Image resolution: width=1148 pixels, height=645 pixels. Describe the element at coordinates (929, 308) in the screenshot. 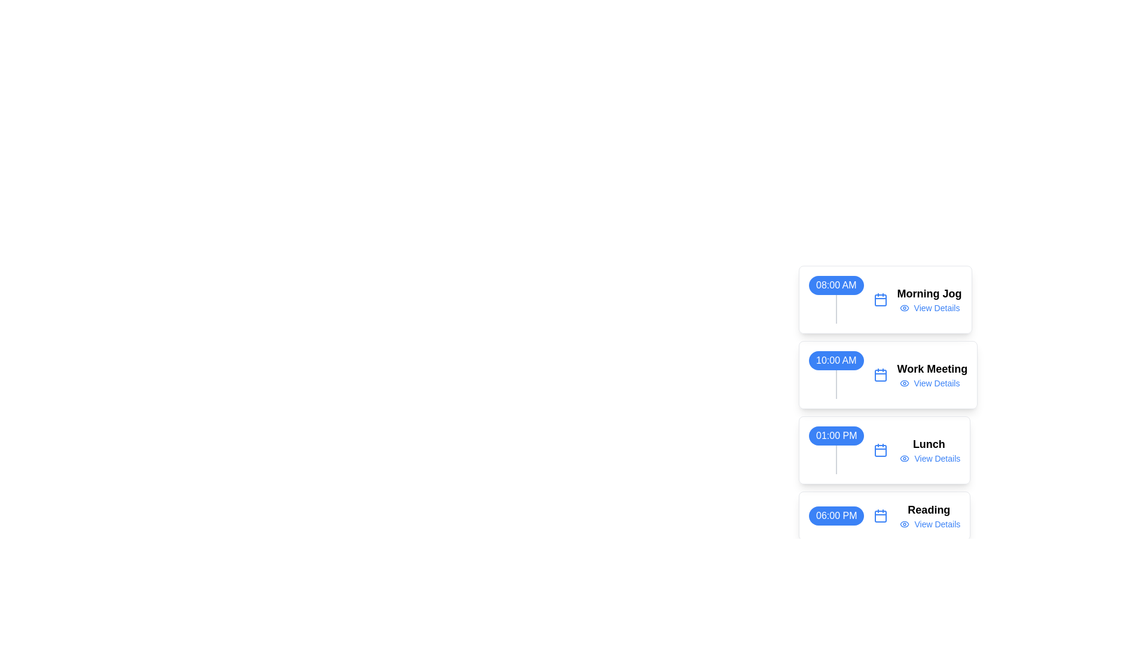

I see `the 'View Details' hyperlink with an eye icon located below 'Morning Jog'` at that location.